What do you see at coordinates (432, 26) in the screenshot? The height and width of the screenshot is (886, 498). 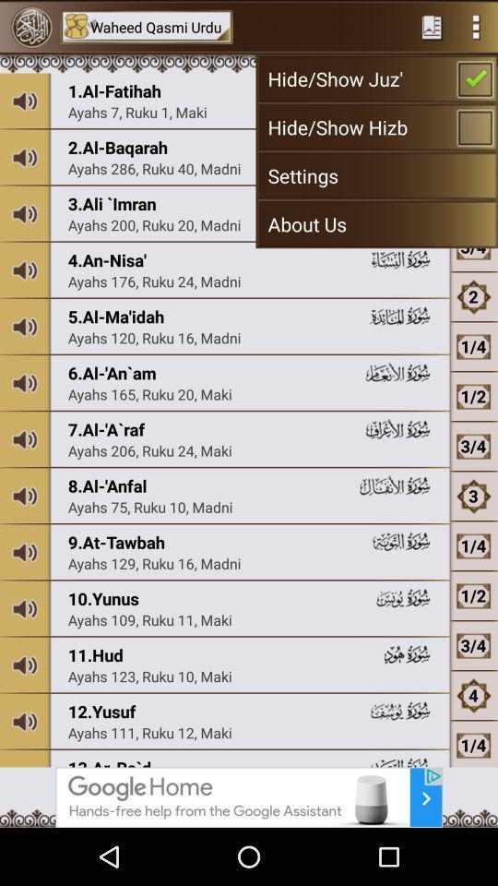 I see `bookmark page` at bounding box center [432, 26].